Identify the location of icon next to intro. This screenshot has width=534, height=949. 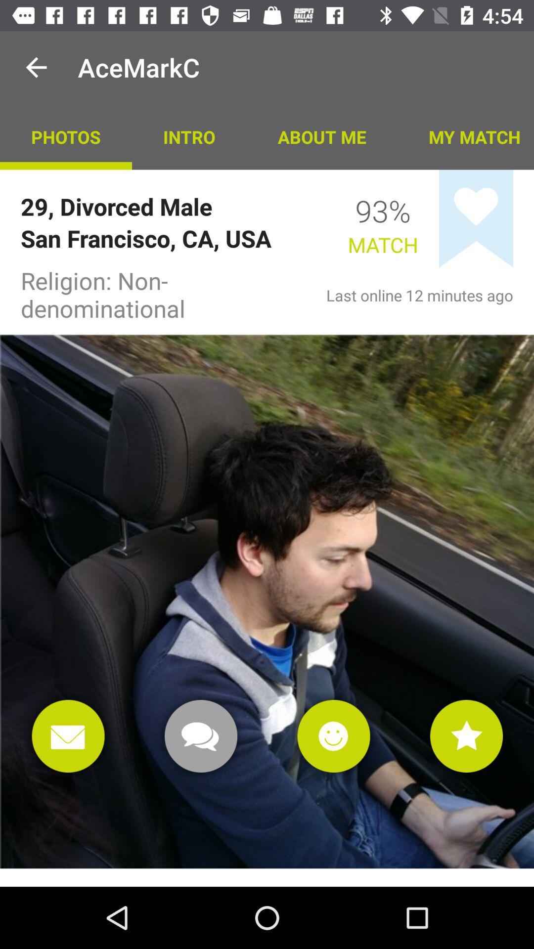
(322, 136).